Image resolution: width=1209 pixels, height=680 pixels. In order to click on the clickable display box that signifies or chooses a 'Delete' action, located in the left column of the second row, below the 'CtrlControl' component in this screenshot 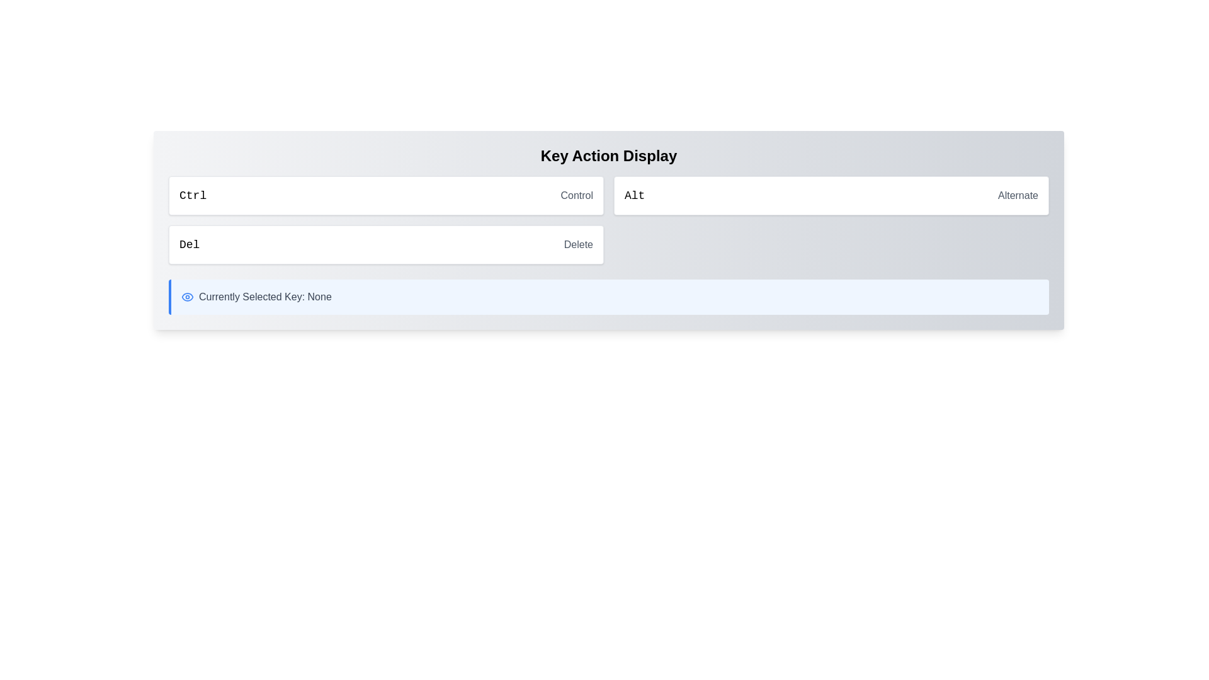, I will do `click(385, 245)`.